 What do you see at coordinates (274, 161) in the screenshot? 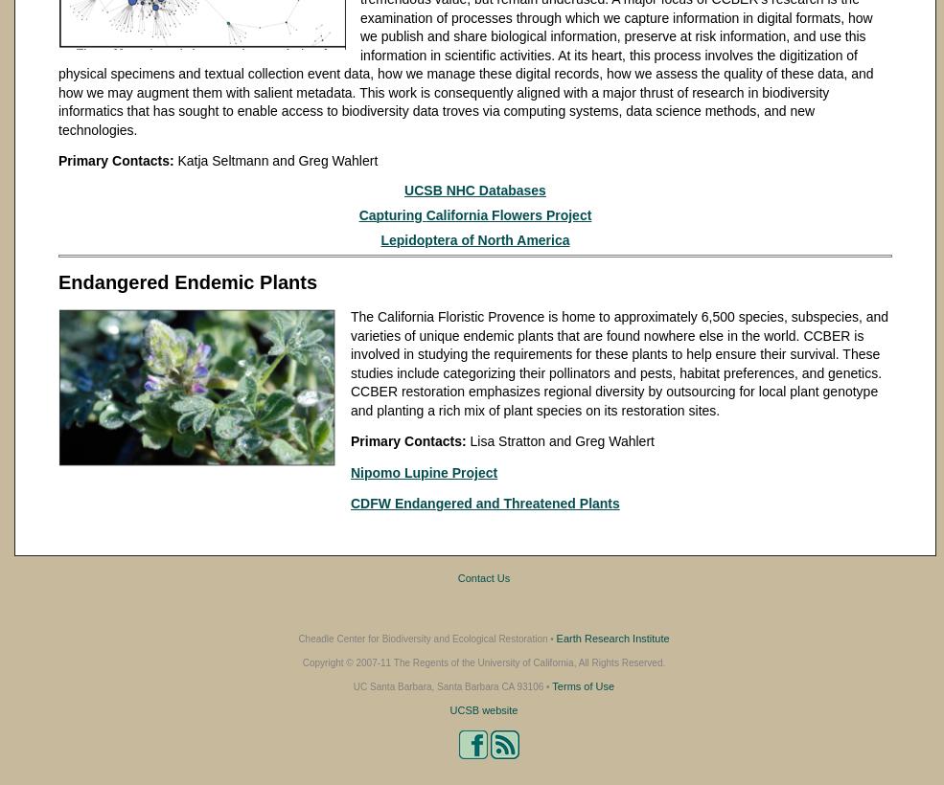
I see `'Katja Seltmann and Greg Wahlert'` at bounding box center [274, 161].